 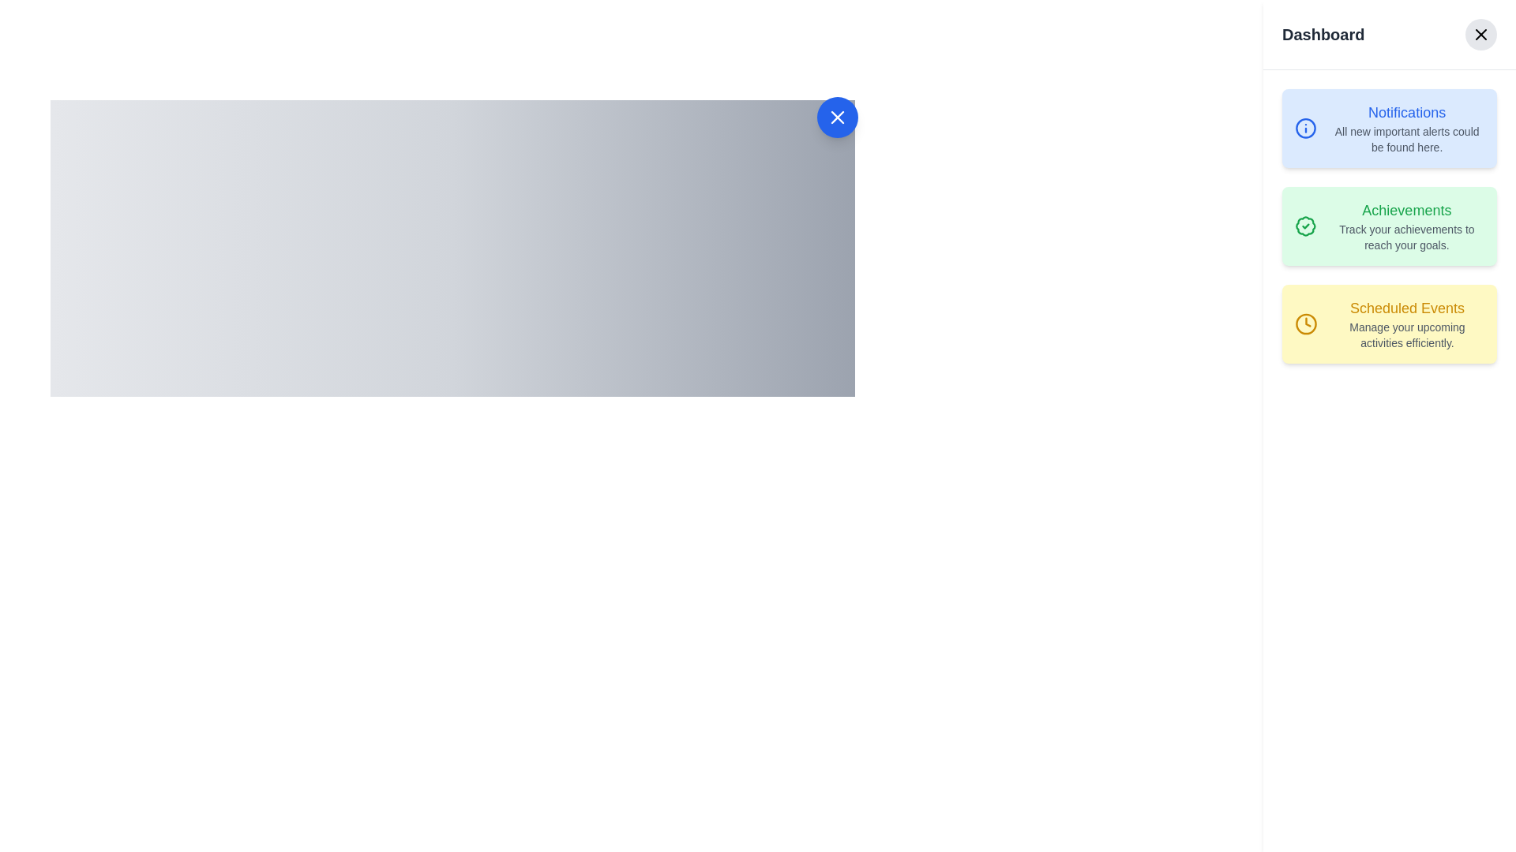 I want to click on the text label reading 'Achievements' which is styled in a green font and located in the second section of the right-side list of cards, so click(x=1406, y=209).